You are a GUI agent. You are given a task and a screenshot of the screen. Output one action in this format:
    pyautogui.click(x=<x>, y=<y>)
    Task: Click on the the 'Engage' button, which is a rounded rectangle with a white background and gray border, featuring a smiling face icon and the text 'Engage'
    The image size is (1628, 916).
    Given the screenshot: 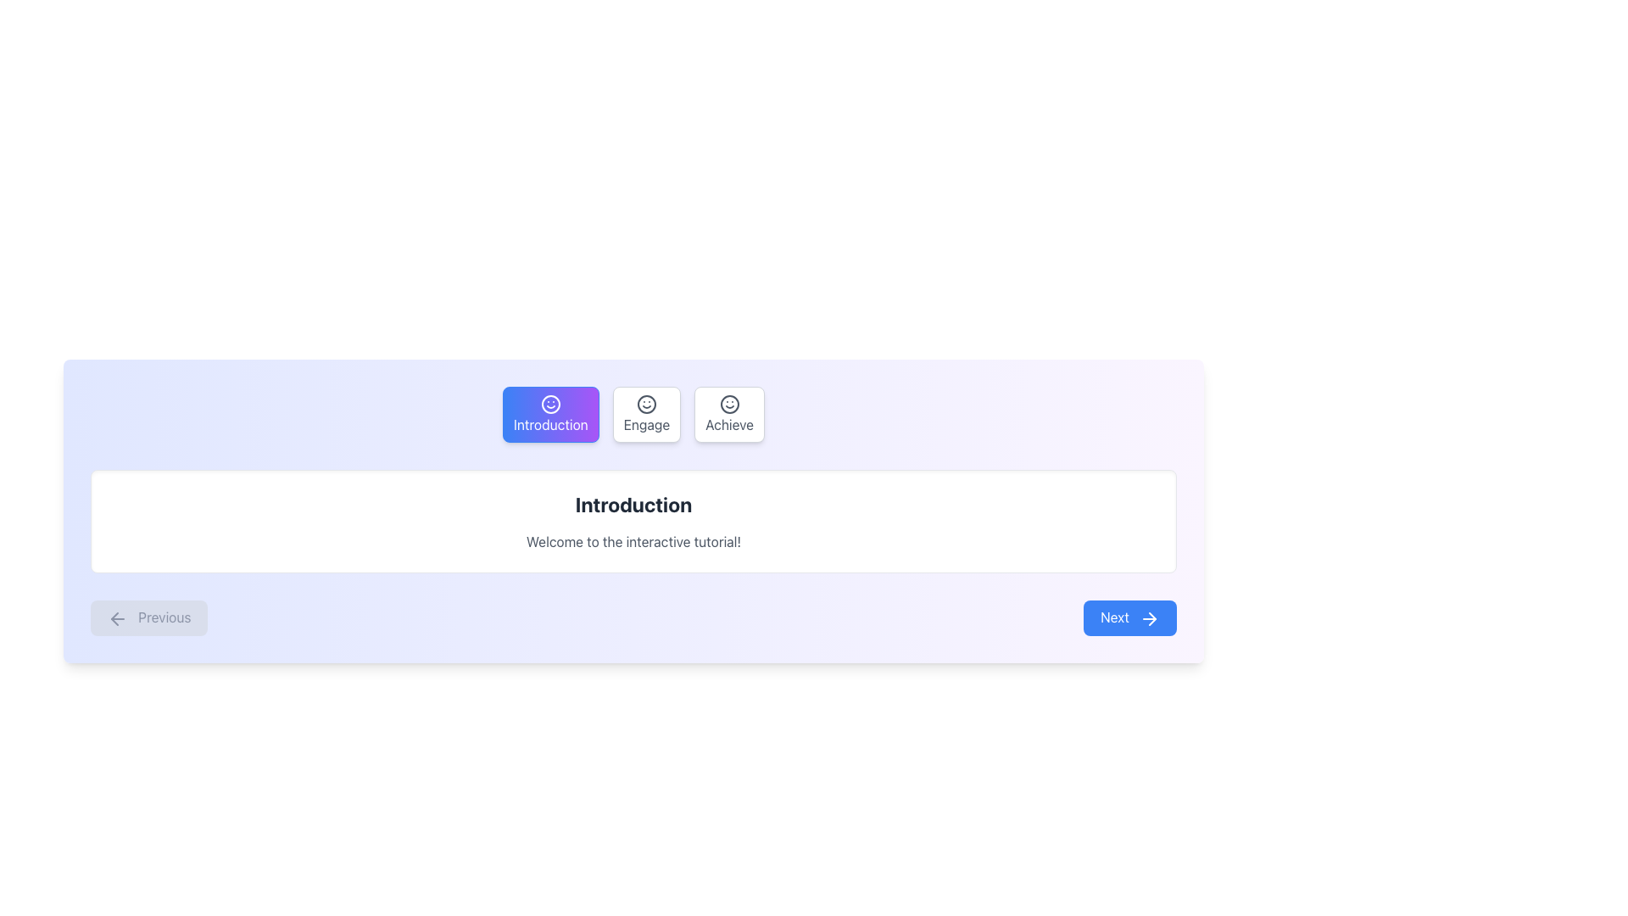 What is the action you would take?
    pyautogui.click(x=646, y=415)
    